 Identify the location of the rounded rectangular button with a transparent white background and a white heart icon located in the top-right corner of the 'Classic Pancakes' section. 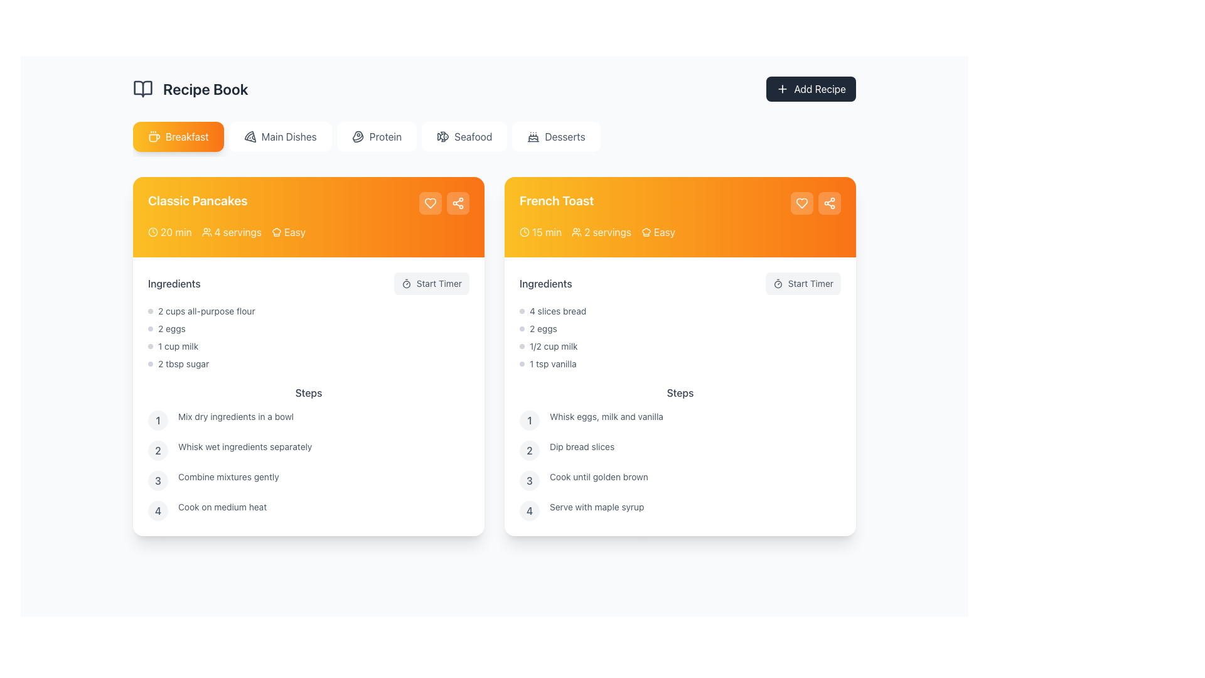
(431, 203).